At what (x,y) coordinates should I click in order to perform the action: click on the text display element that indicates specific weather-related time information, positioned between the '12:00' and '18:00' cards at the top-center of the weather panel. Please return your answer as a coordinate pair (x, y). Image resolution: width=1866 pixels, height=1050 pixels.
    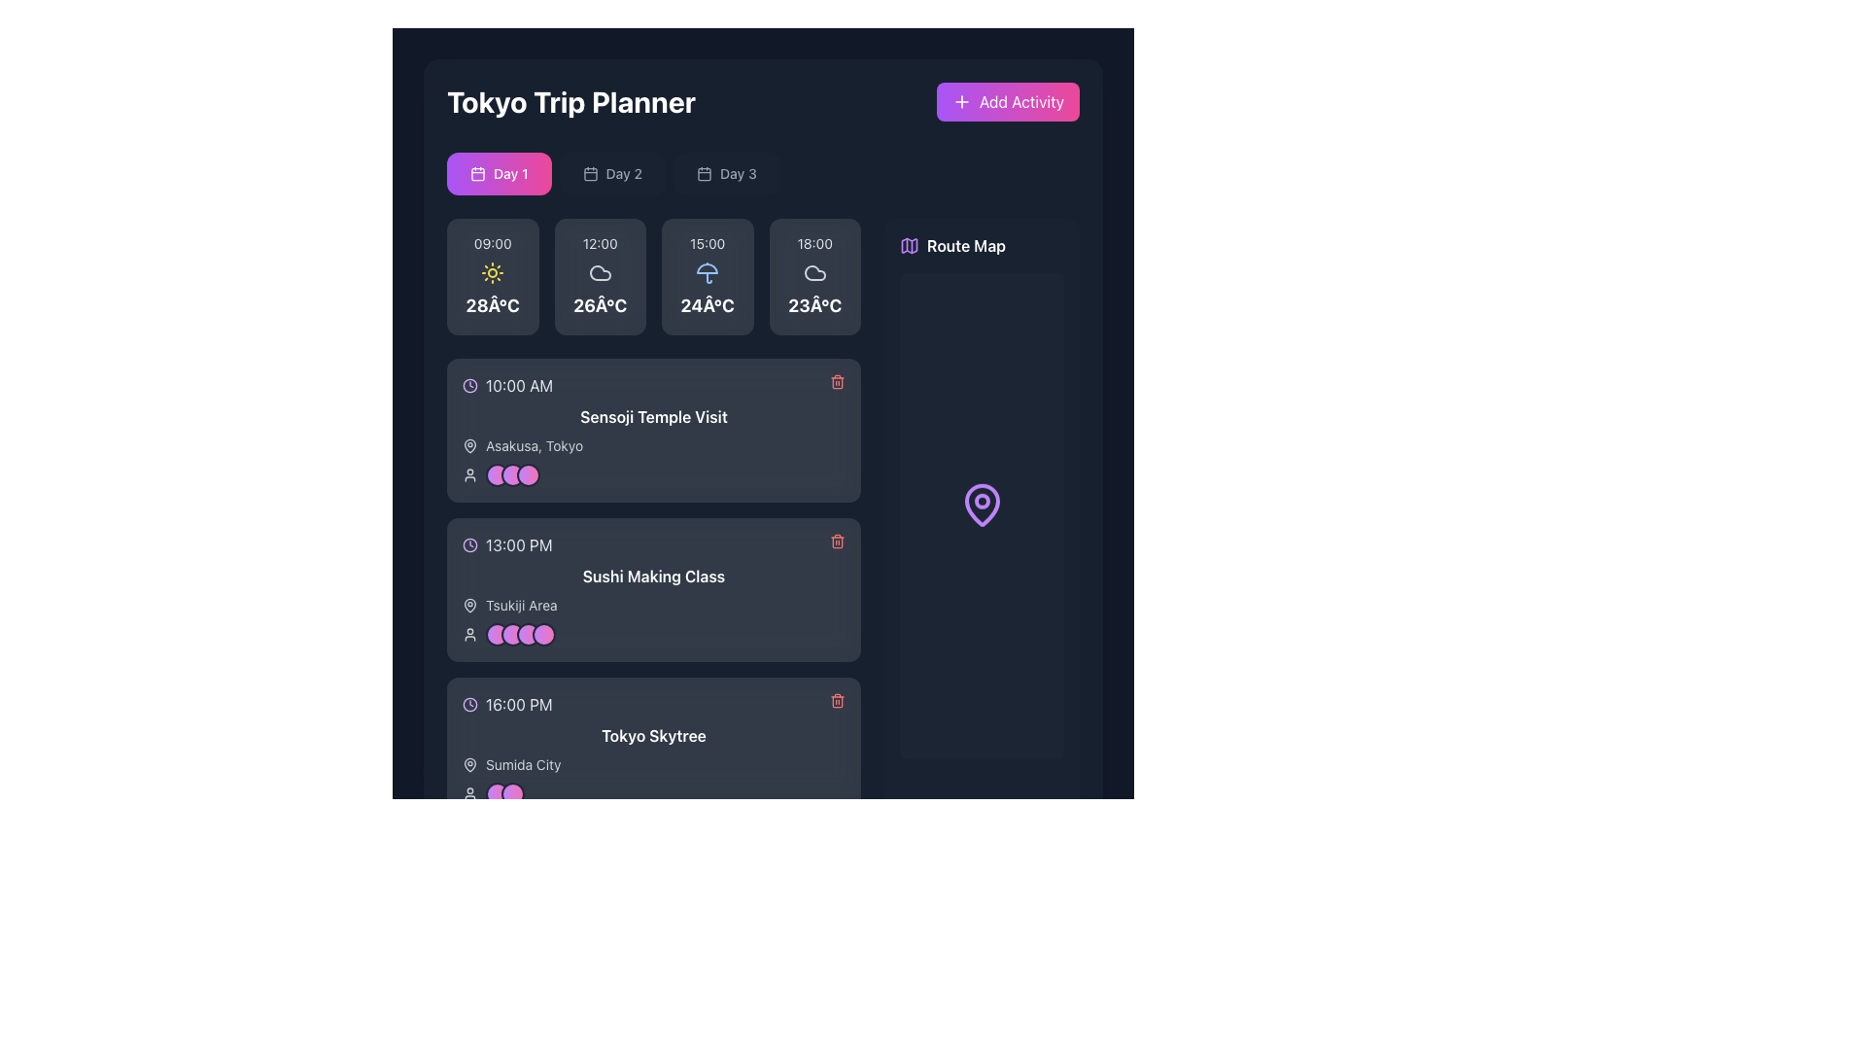
    Looking at the image, I should click on (707, 242).